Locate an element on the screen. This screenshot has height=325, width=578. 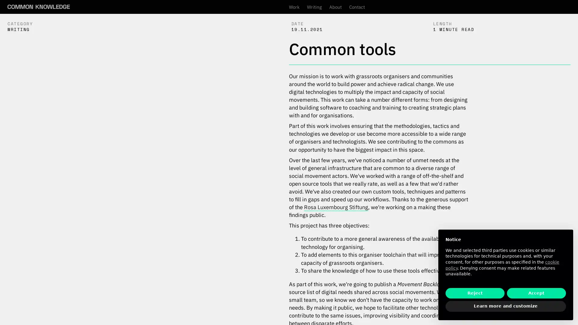
Reject is located at coordinates (475, 293).